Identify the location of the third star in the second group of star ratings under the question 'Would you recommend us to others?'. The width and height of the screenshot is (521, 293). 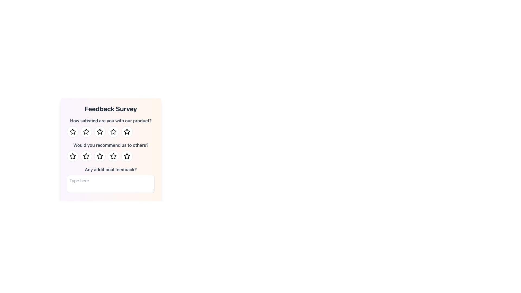
(100, 156).